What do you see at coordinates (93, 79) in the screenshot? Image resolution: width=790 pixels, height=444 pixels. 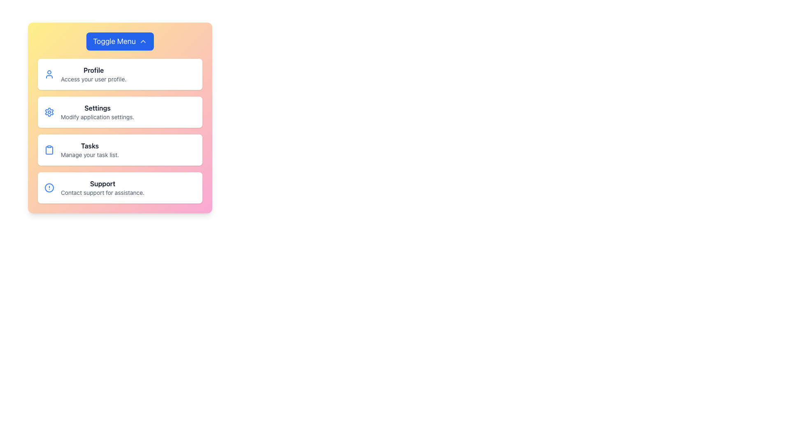 I see `the text label reading 'Access your user profile.' which is styled in gray and located directly below the 'Profile' heading in the menu card` at bounding box center [93, 79].